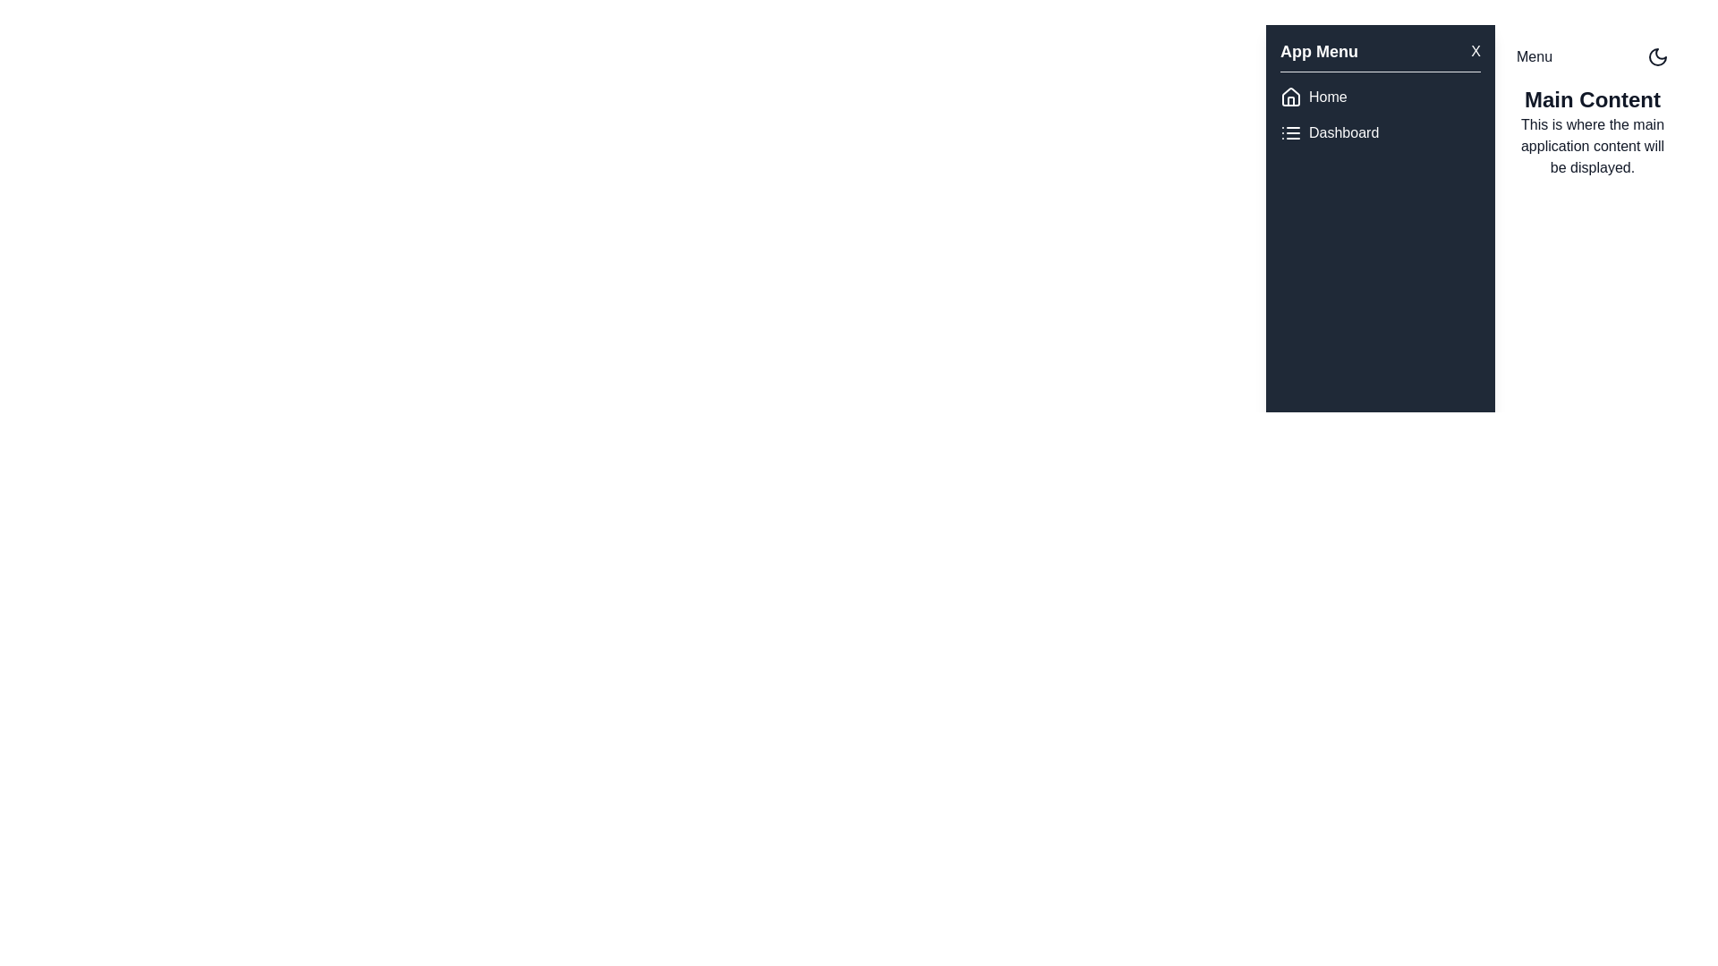 The height and width of the screenshot is (966, 1718). What do you see at coordinates (1319, 50) in the screenshot?
I see `the 'App Menu' label, which is styled with bold and large font, located at the top left of the dark-colored sidebar header` at bounding box center [1319, 50].